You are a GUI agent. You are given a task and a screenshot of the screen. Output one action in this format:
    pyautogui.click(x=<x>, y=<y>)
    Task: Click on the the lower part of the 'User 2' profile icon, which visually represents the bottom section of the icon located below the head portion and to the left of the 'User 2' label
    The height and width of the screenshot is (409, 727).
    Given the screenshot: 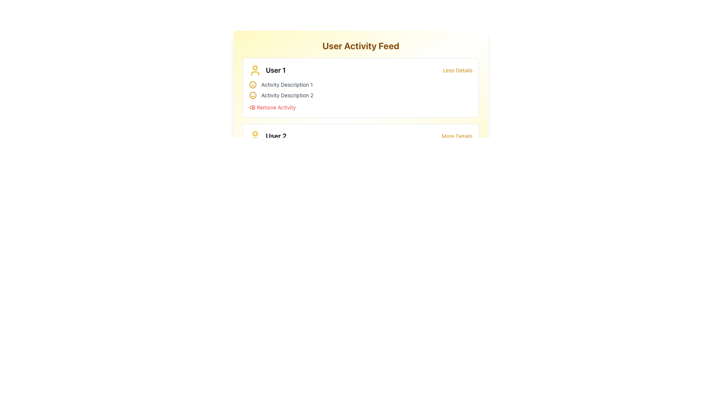 What is the action you would take?
    pyautogui.click(x=255, y=139)
    